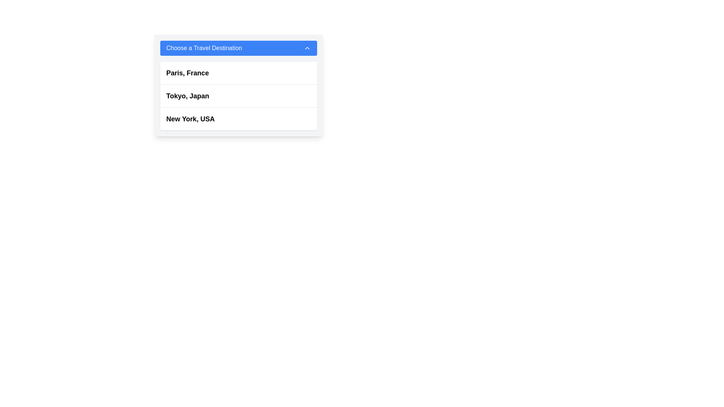 The image size is (724, 407). Describe the element at coordinates (238, 85) in the screenshot. I see `the dropdown-style selection menu labeled 'Choose a Travel Destination'` at that location.